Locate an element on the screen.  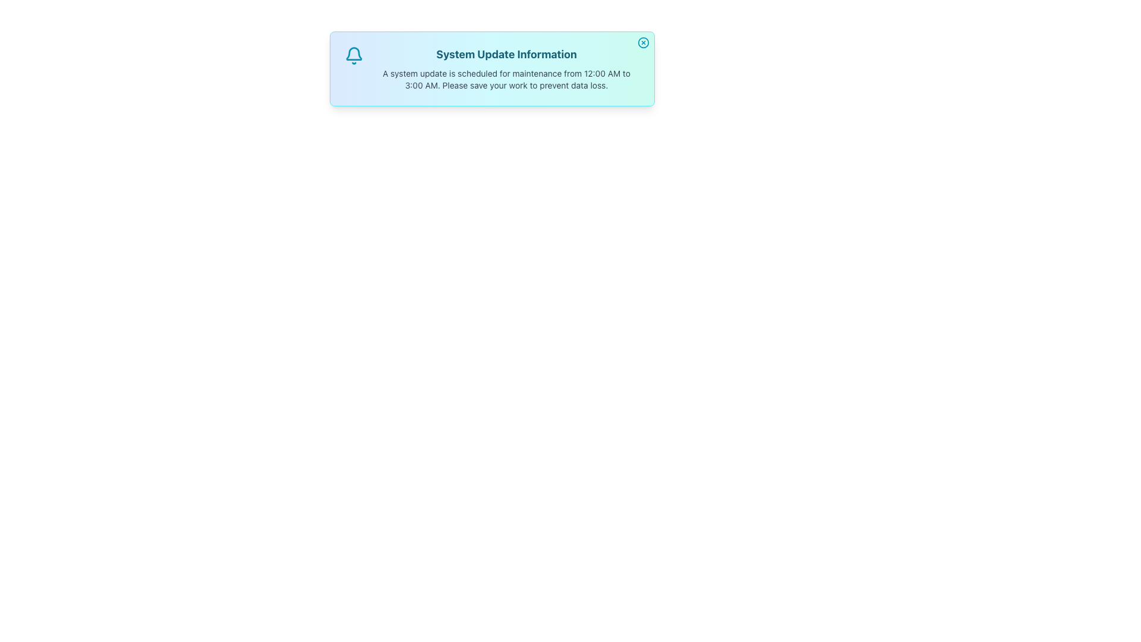
the small circular dismiss button with a cyan outline located at the top-right corner of the notification box is located at coordinates (643, 42).